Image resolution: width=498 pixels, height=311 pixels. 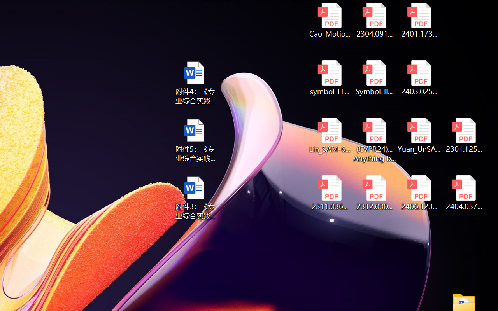 What do you see at coordinates (464, 135) in the screenshot?
I see `'2301.12597v3.pdf'` at bounding box center [464, 135].